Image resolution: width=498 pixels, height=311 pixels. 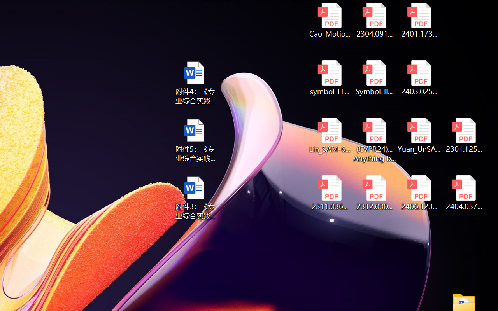 What do you see at coordinates (464, 135) in the screenshot?
I see `'2301.12597v3.pdf'` at bounding box center [464, 135].